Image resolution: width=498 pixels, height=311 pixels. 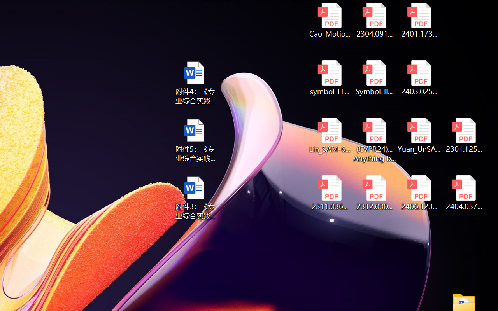 What do you see at coordinates (464, 135) in the screenshot?
I see `'2301.12597v3.pdf'` at bounding box center [464, 135].